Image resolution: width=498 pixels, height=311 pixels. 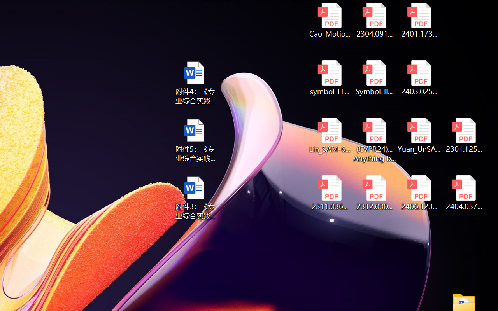 What do you see at coordinates (464, 135) in the screenshot?
I see `'2301.12597v3.pdf'` at bounding box center [464, 135].